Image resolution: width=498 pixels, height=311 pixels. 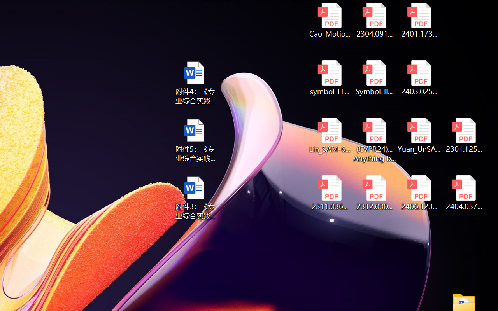 What do you see at coordinates (464, 135) in the screenshot?
I see `'2301.12597v3.pdf'` at bounding box center [464, 135].